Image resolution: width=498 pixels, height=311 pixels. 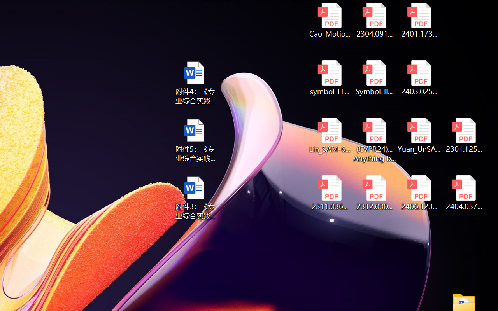 What do you see at coordinates (464, 135) in the screenshot?
I see `'2301.12597v3.pdf'` at bounding box center [464, 135].